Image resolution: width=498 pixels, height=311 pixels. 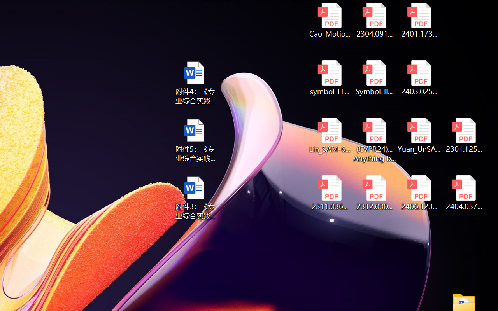 What do you see at coordinates (464, 135) in the screenshot?
I see `'2301.12597v3.pdf'` at bounding box center [464, 135].